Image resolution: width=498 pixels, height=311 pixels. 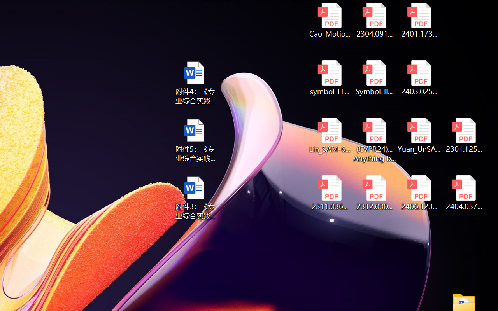 What do you see at coordinates (464, 135) in the screenshot?
I see `'2301.12597v3.pdf'` at bounding box center [464, 135].